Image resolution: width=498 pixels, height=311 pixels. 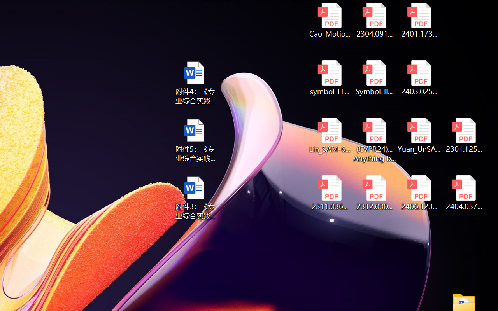 What do you see at coordinates (464, 135) in the screenshot?
I see `'2301.12597v3.pdf'` at bounding box center [464, 135].